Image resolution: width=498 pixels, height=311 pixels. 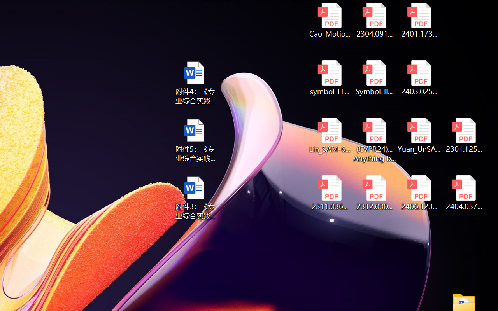 What do you see at coordinates (464, 135) in the screenshot?
I see `'2301.12597v3.pdf'` at bounding box center [464, 135].